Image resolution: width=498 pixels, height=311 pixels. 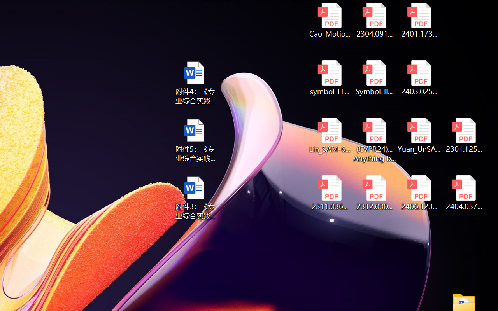 What do you see at coordinates (464, 135) in the screenshot?
I see `'2301.12597v3.pdf'` at bounding box center [464, 135].